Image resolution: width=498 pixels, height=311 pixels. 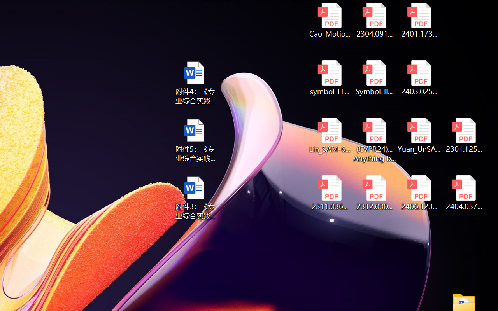 What do you see at coordinates (464, 135) in the screenshot?
I see `'2301.12597v3.pdf'` at bounding box center [464, 135].